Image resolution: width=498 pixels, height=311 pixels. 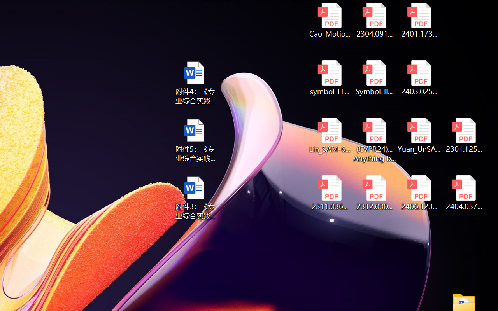 What do you see at coordinates (464, 135) in the screenshot?
I see `'2301.12597v3.pdf'` at bounding box center [464, 135].